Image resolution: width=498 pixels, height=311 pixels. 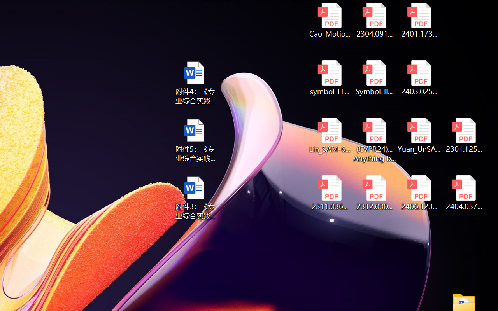 What do you see at coordinates (464, 135) in the screenshot?
I see `'2301.12597v3.pdf'` at bounding box center [464, 135].